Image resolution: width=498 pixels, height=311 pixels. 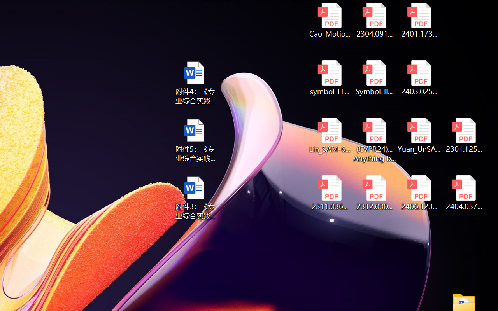 What do you see at coordinates (464, 135) in the screenshot?
I see `'2301.12597v3.pdf'` at bounding box center [464, 135].